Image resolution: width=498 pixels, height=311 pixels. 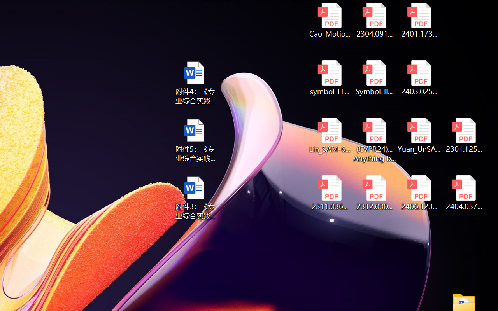 What do you see at coordinates (464, 135) in the screenshot?
I see `'2301.12597v3.pdf'` at bounding box center [464, 135].